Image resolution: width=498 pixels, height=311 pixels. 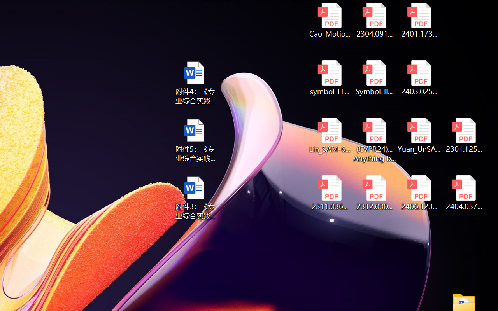 What do you see at coordinates (464, 135) in the screenshot?
I see `'2301.12597v3.pdf'` at bounding box center [464, 135].